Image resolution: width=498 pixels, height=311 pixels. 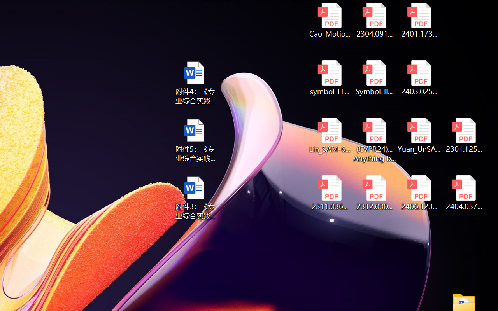 What do you see at coordinates (464, 135) in the screenshot?
I see `'2301.12597v3.pdf'` at bounding box center [464, 135].